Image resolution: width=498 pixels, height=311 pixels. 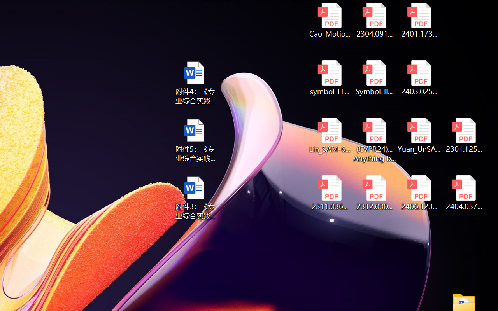 What do you see at coordinates (464, 135) in the screenshot?
I see `'2301.12597v3.pdf'` at bounding box center [464, 135].